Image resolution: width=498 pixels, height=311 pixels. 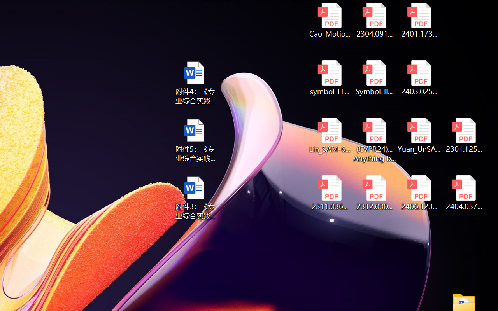 What do you see at coordinates (464, 135) in the screenshot?
I see `'2301.12597v3.pdf'` at bounding box center [464, 135].